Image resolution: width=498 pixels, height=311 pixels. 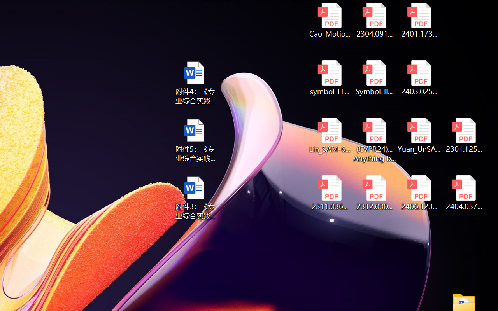 What do you see at coordinates (464, 135) in the screenshot?
I see `'2301.12597v3.pdf'` at bounding box center [464, 135].